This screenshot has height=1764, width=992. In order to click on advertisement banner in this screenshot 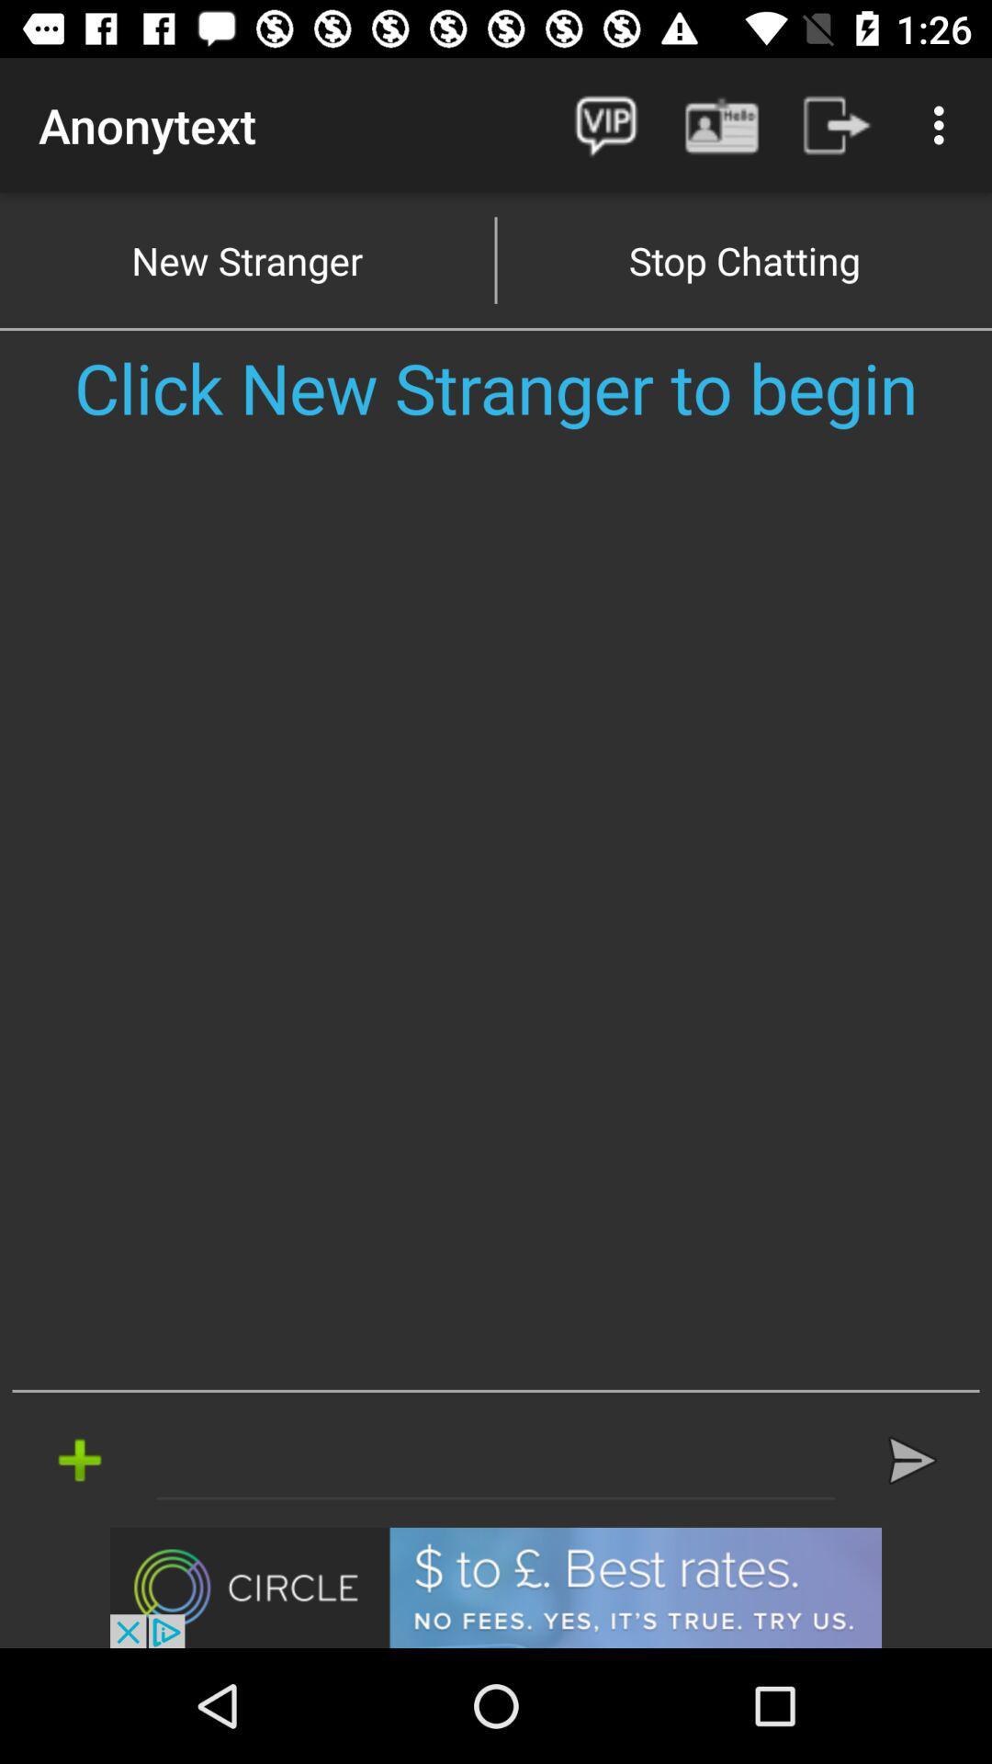, I will do `click(496, 1587)`.